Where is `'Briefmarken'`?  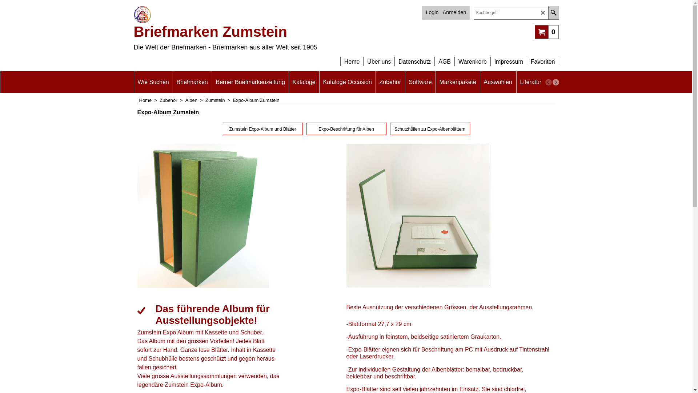
'Briefmarken' is located at coordinates (192, 82).